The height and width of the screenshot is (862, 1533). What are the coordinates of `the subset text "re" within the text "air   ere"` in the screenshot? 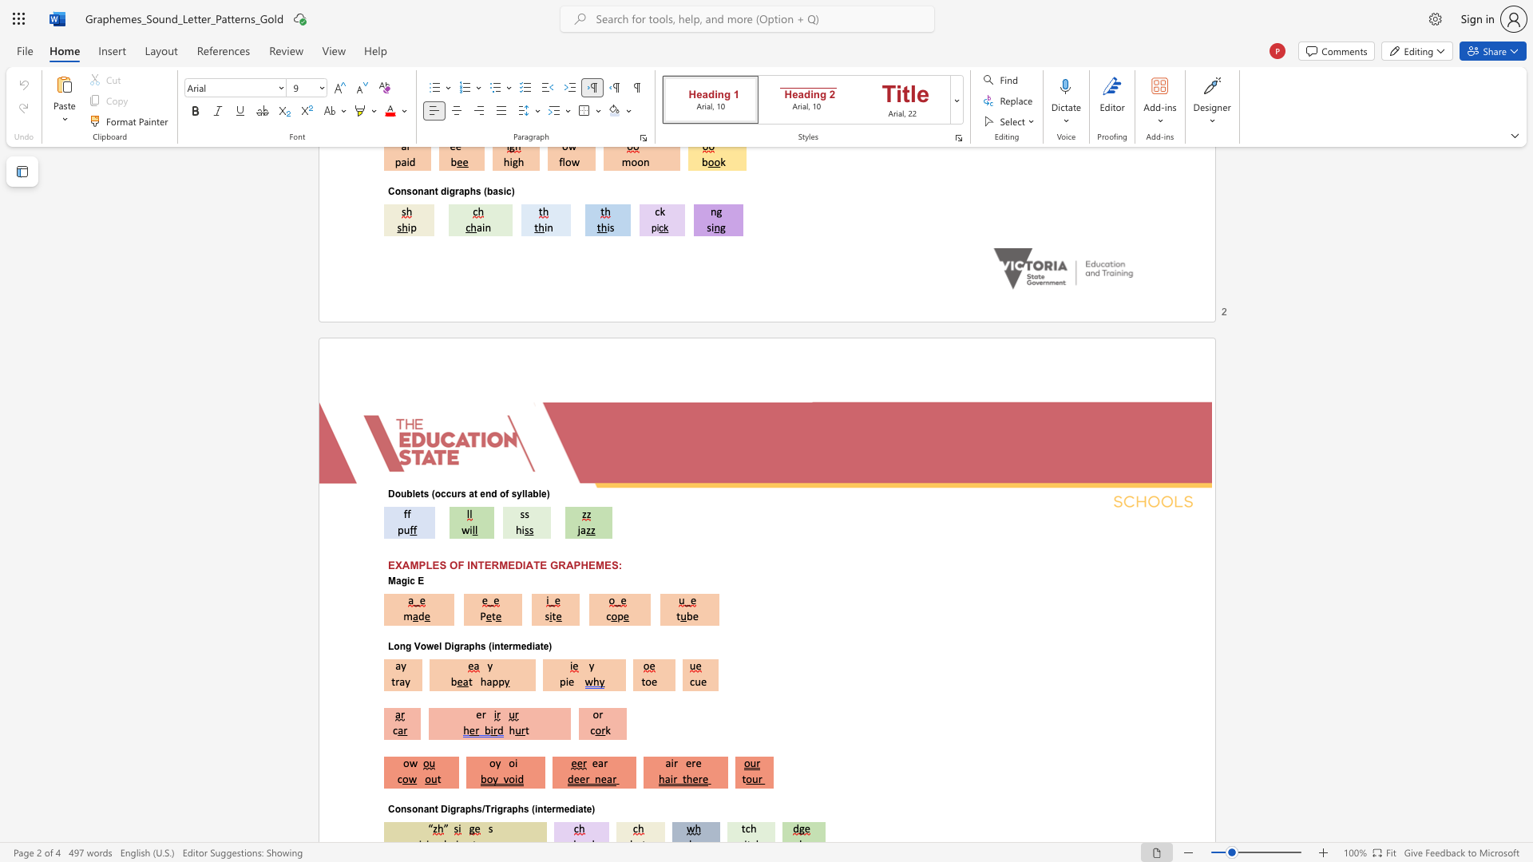 It's located at (691, 762).